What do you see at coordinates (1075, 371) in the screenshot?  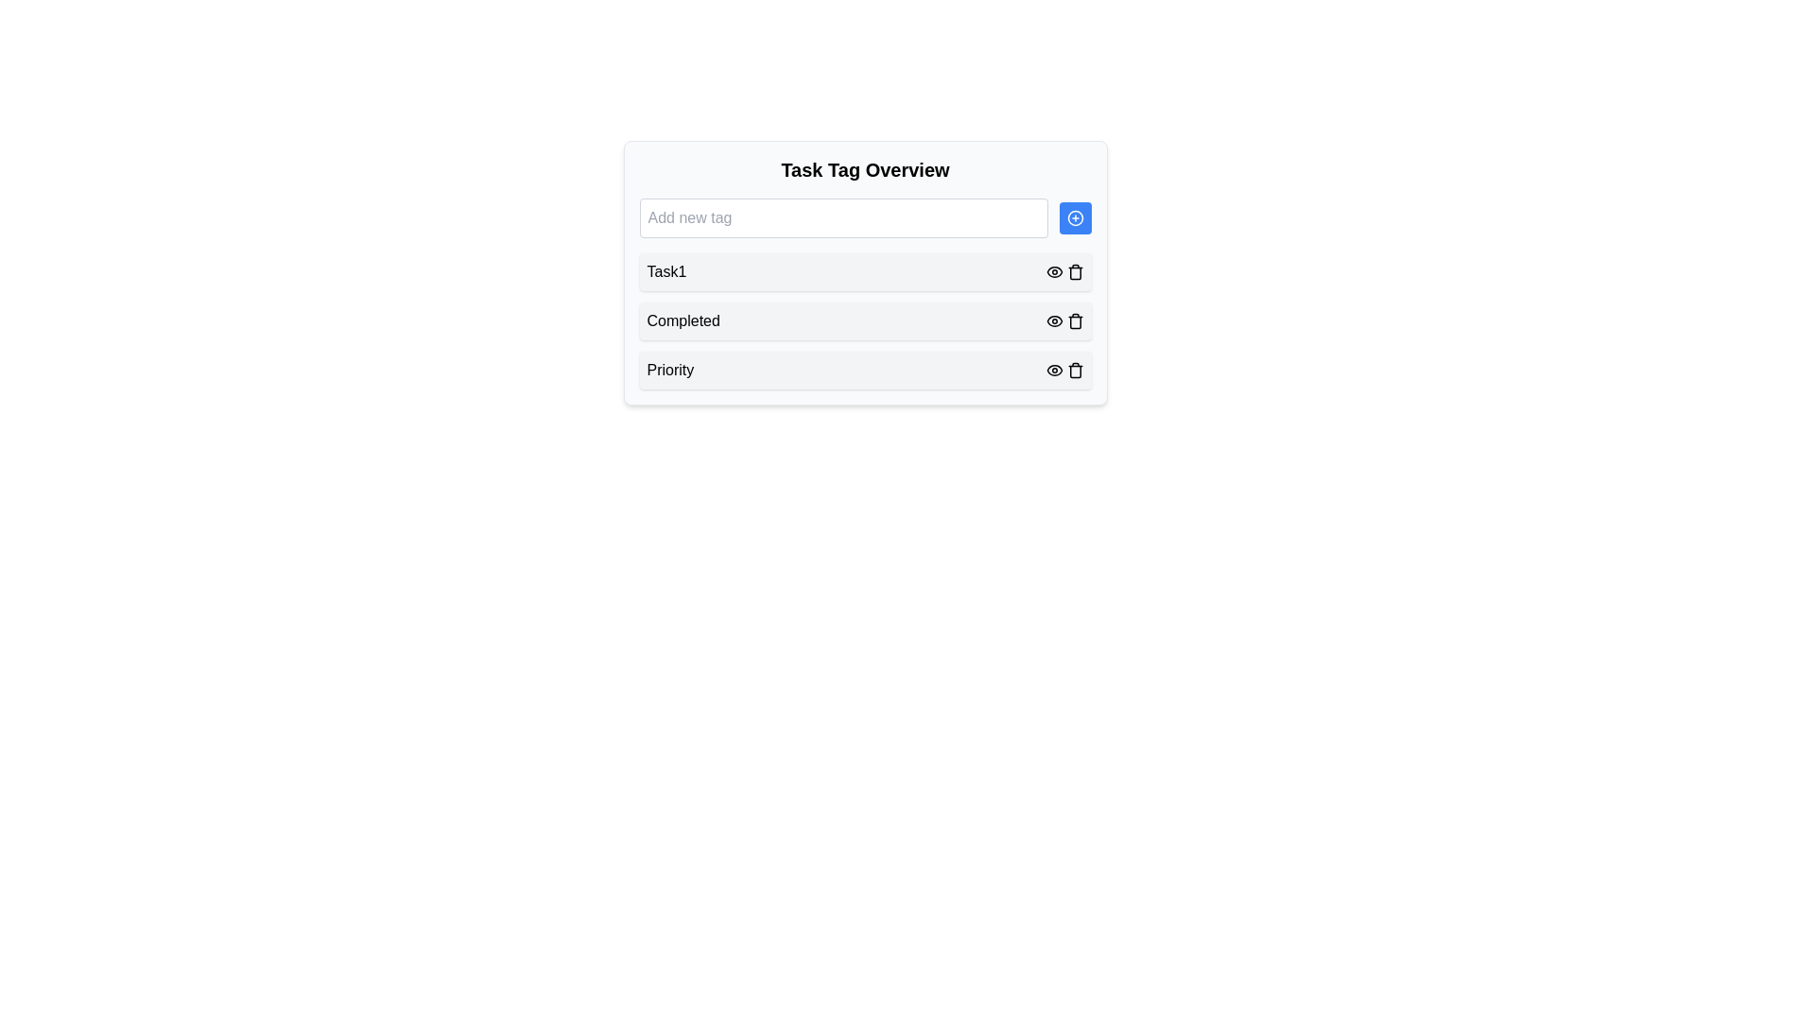 I see `the delete icon located to the right of the eye icon in the action group for the 'Priority' tag` at bounding box center [1075, 371].